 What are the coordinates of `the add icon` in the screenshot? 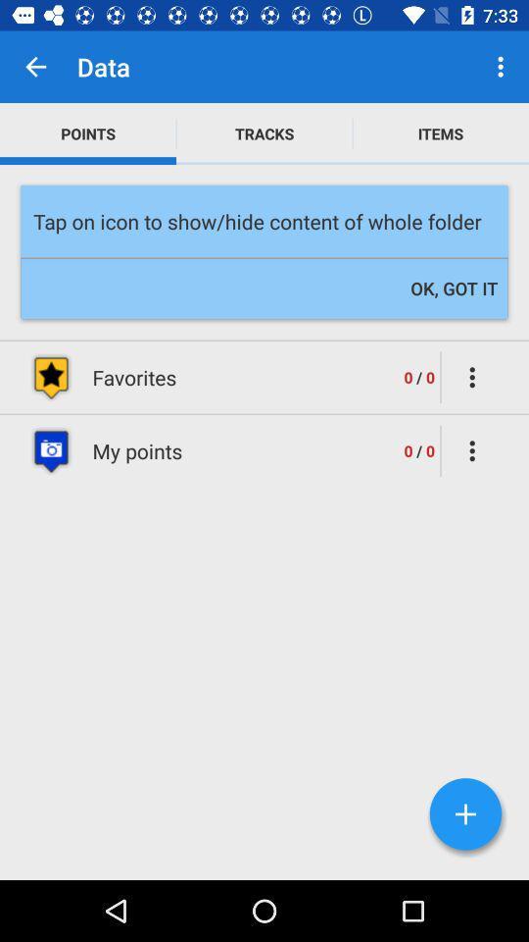 It's located at (464, 813).